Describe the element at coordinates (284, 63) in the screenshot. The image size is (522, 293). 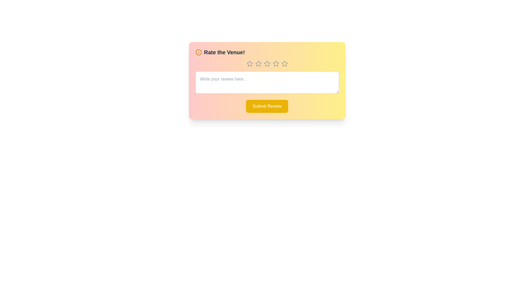
I see `the rating to 5 stars by clicking on the corresponding star` at that location.